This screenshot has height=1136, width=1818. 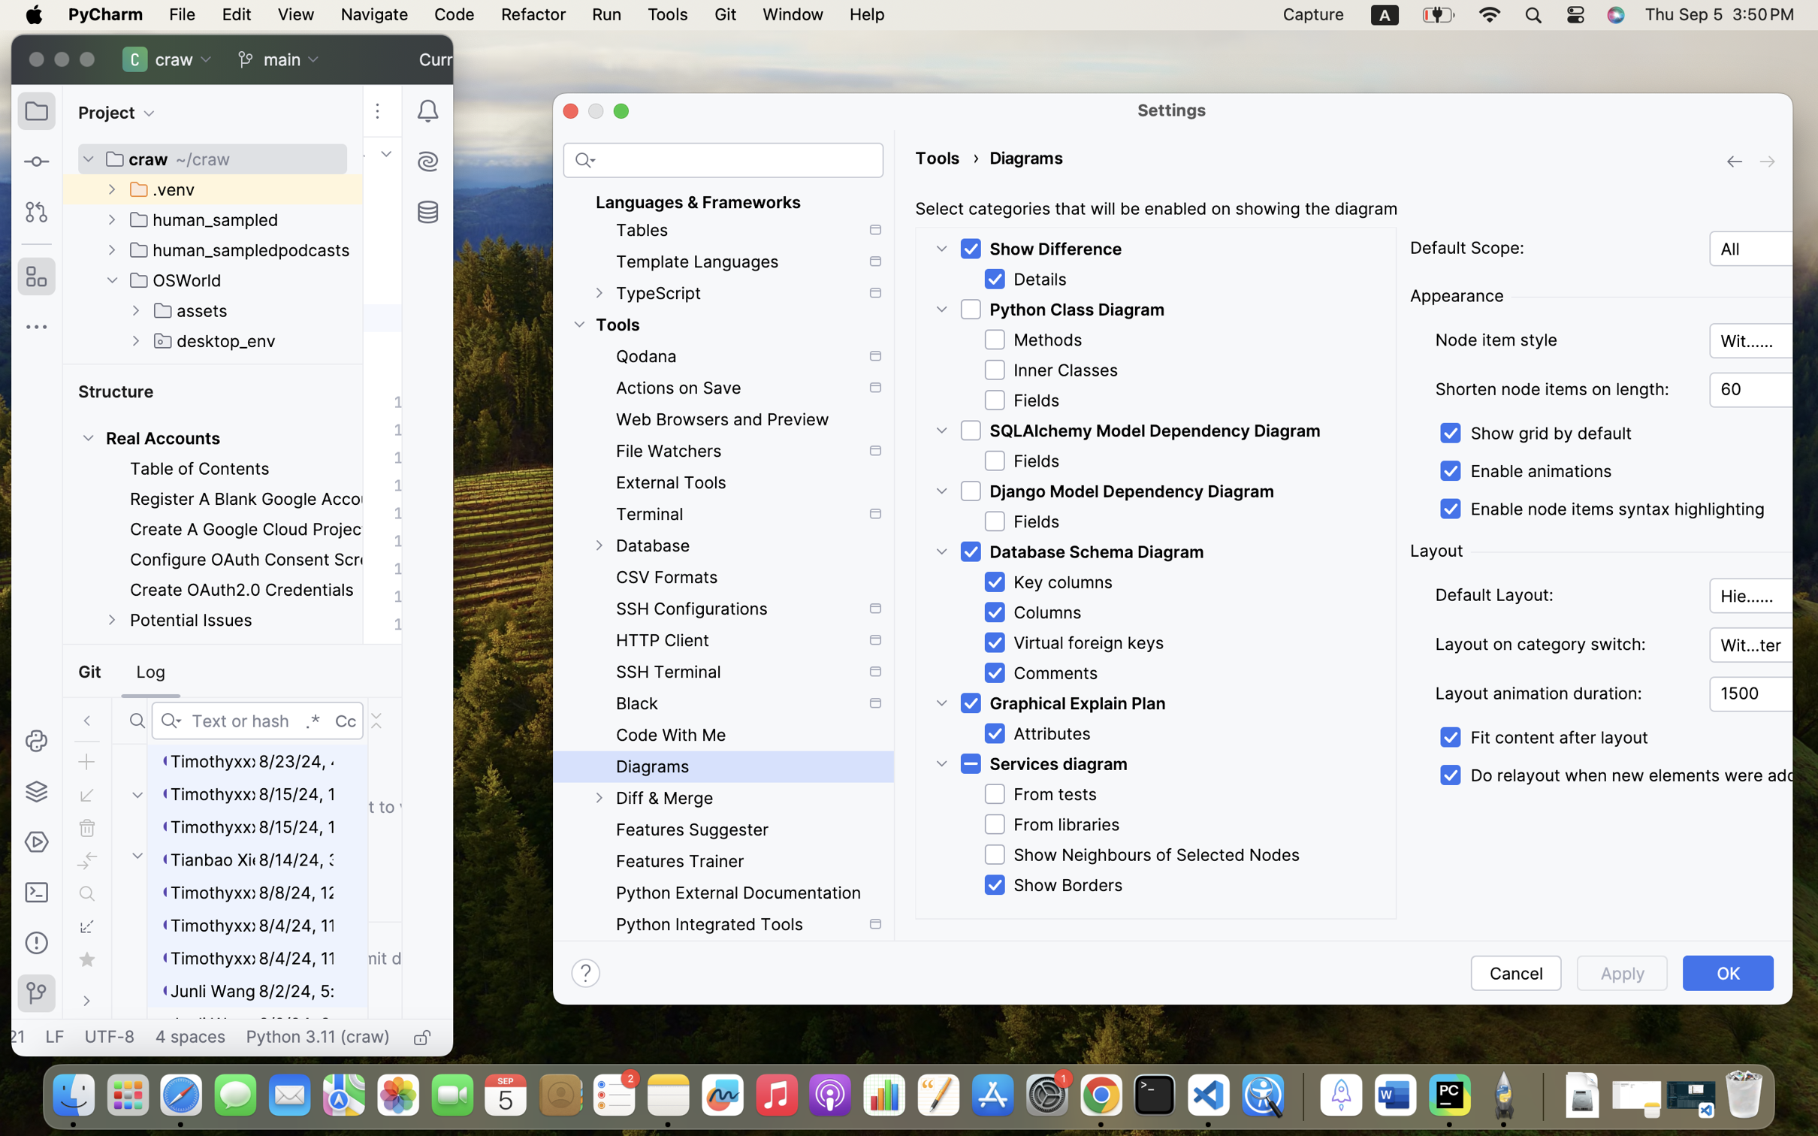 What do you see at coordinates (1763, 645) in the screenshot?
I see `'With light layouter'` at bounding box center [1763, 645].